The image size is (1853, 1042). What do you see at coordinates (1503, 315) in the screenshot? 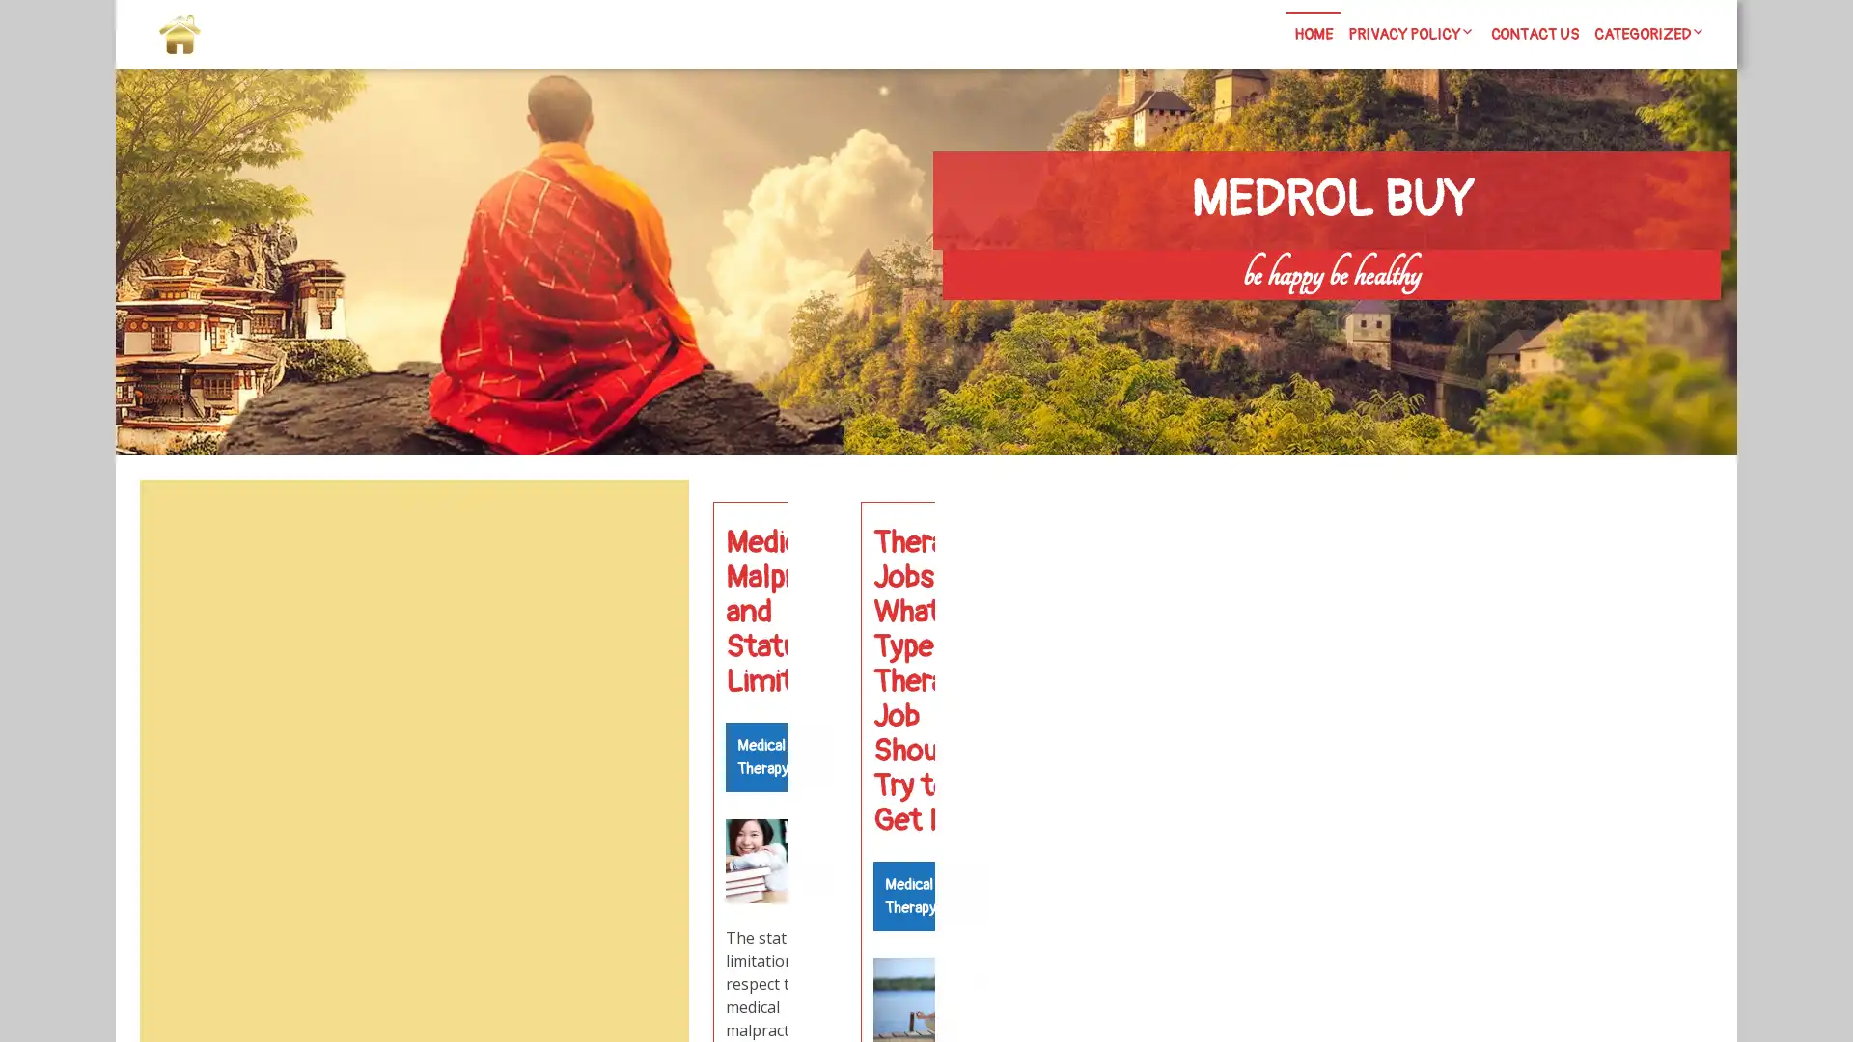
I see `Search` at bounding box center [1503, 315].